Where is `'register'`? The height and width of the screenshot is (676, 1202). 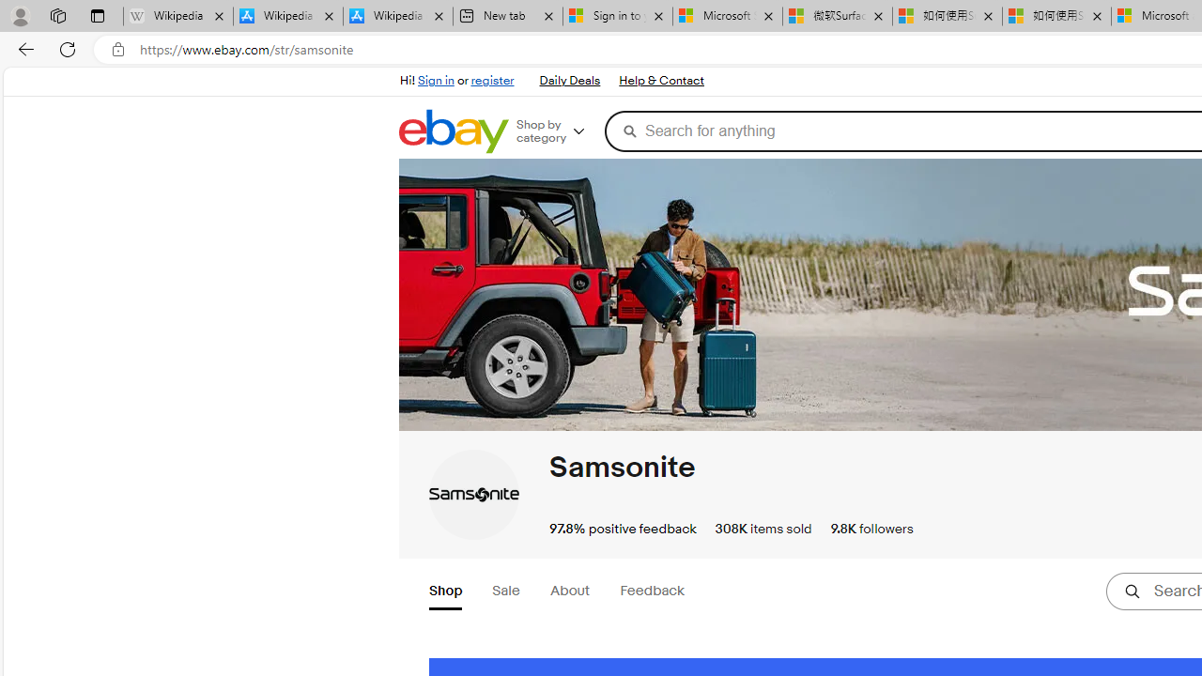 'register' is located at coordinates (492, 80).